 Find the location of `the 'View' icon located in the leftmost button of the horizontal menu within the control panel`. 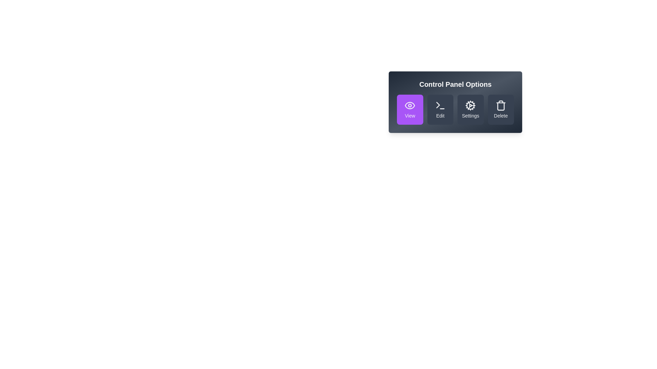

the 'View' icon located in the leftmost button of the horizontal menu within the control panel is located at coordinates (410, 105).